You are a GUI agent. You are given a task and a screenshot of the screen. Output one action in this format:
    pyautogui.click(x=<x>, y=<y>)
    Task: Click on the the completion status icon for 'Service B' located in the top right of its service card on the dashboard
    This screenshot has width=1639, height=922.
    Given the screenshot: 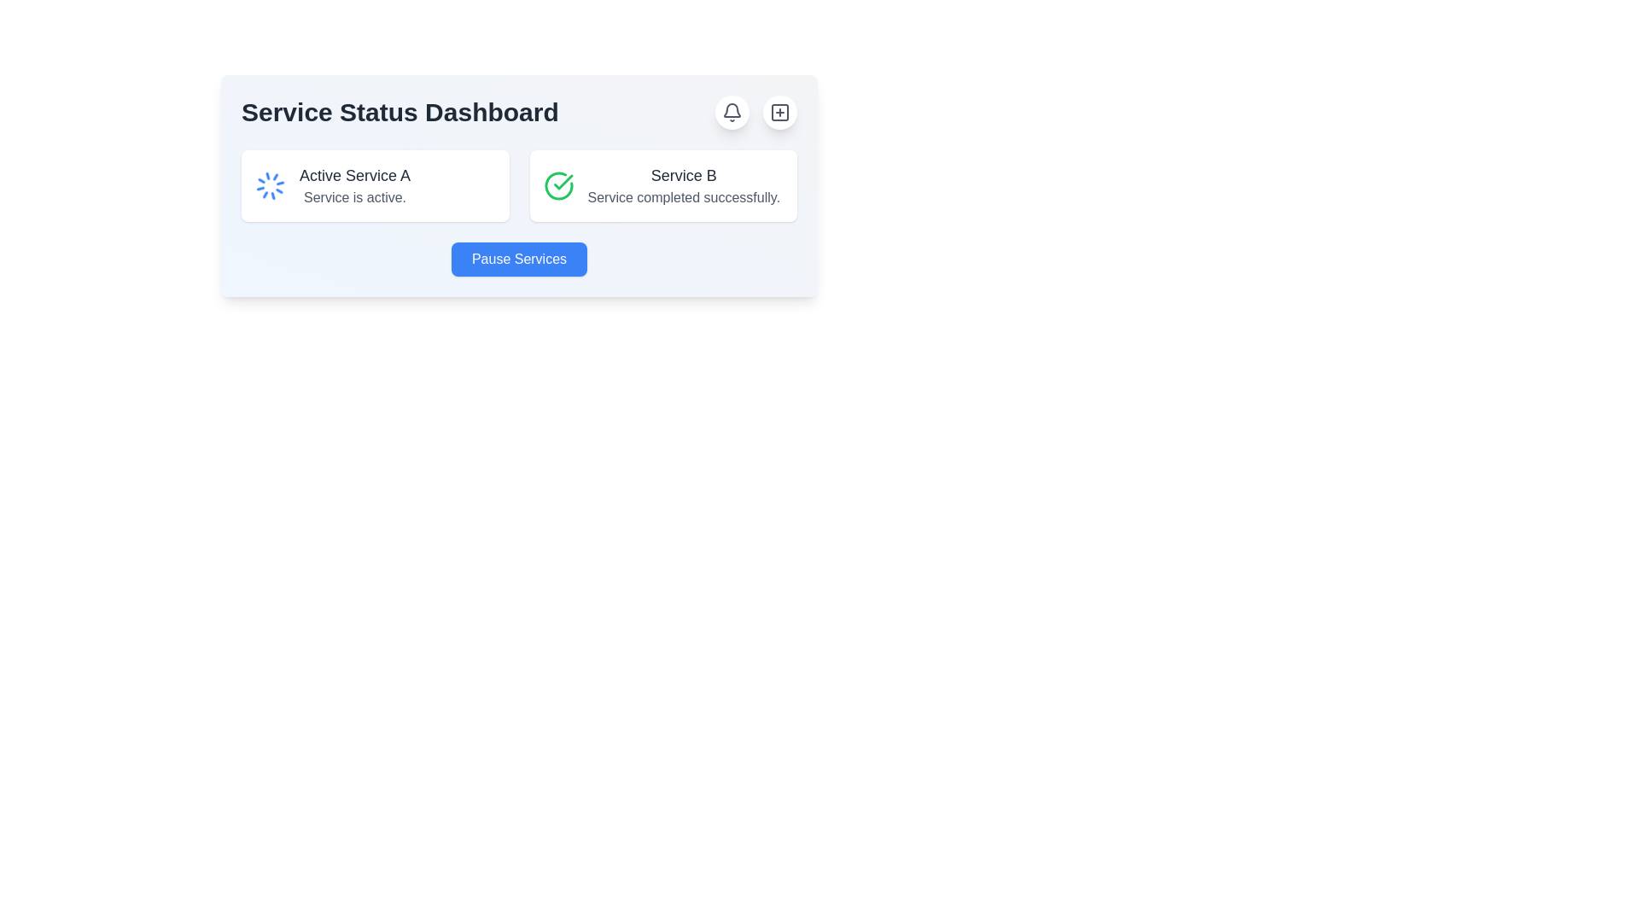 What is the action you would take?
    pyautogui.click(x=563, y=182)
    